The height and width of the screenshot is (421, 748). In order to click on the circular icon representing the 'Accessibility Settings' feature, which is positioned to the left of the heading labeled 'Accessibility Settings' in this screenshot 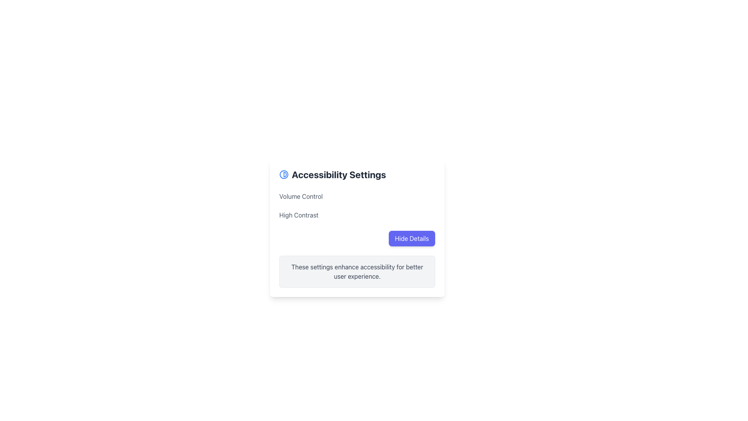, I will do `click(284, 174)`.